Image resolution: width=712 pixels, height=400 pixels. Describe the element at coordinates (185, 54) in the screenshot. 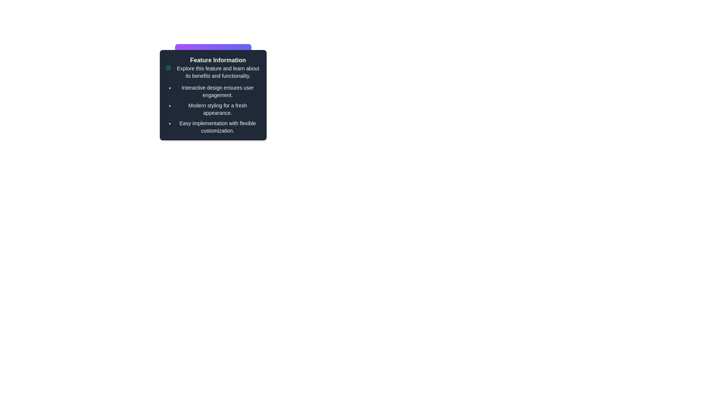

I see `the circular graphical component located at the top-left corner of the 'Feature Information' pop-up panel` at that location.